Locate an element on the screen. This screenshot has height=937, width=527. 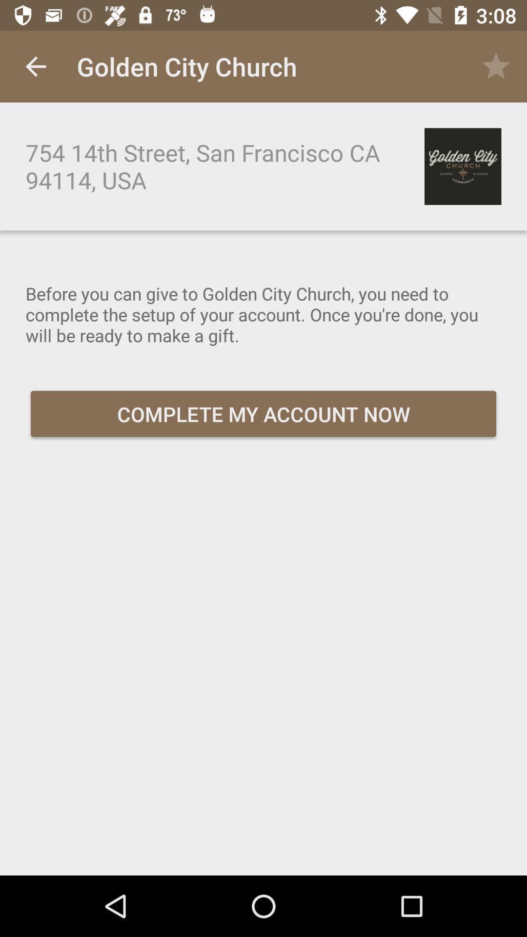
the icon to the left of the golden city church is located at coordinates (35, 66).